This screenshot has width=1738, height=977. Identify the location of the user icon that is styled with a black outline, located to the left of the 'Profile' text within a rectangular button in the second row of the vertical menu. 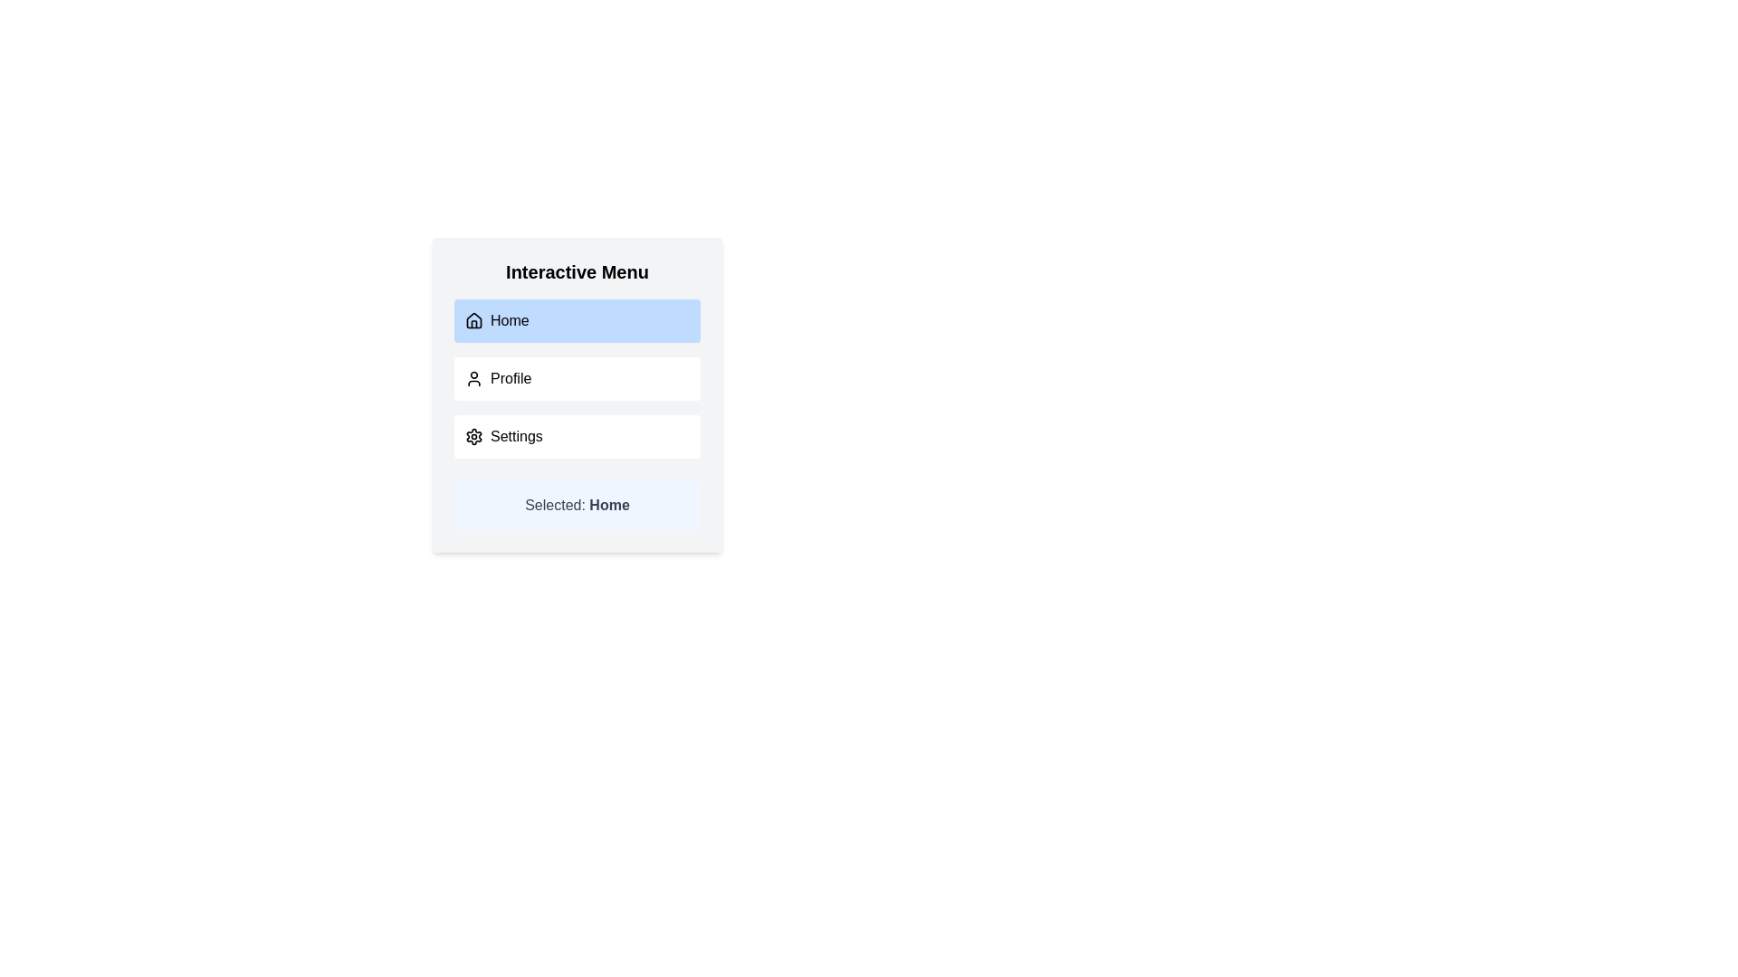
(473, 378).